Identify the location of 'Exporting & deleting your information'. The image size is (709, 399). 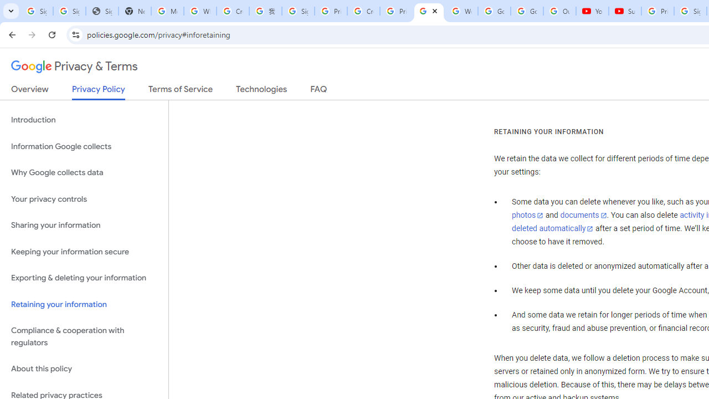
(84, 278).